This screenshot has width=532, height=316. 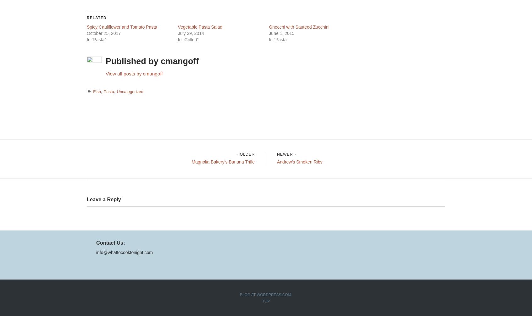 I want to click on 'Related', so click(x=86, y=18).